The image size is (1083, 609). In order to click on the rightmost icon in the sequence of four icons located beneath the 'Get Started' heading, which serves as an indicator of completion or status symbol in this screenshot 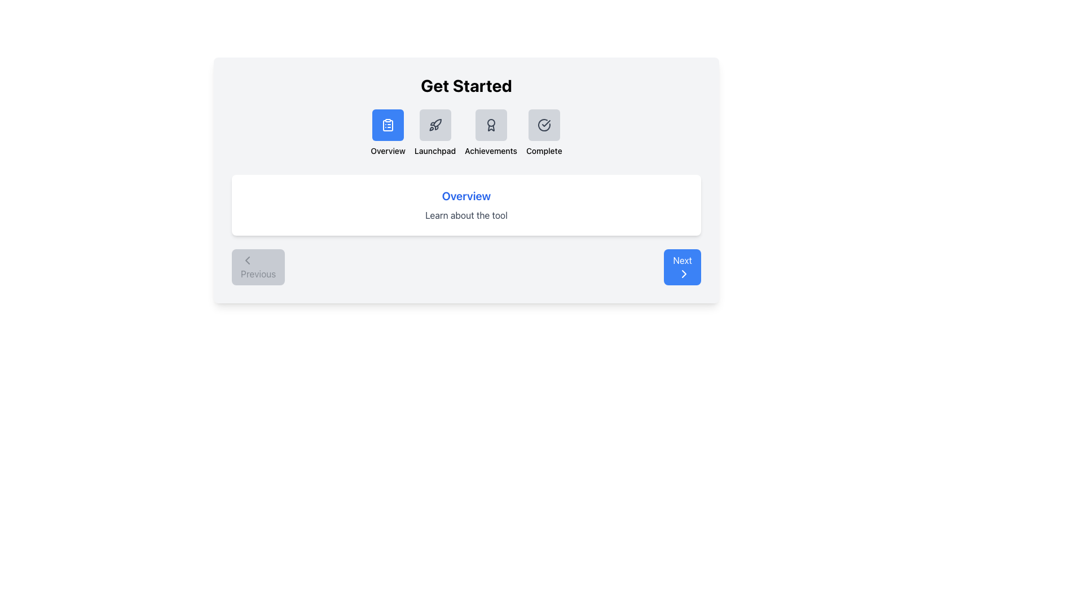, I will do `click(544, 125)`.